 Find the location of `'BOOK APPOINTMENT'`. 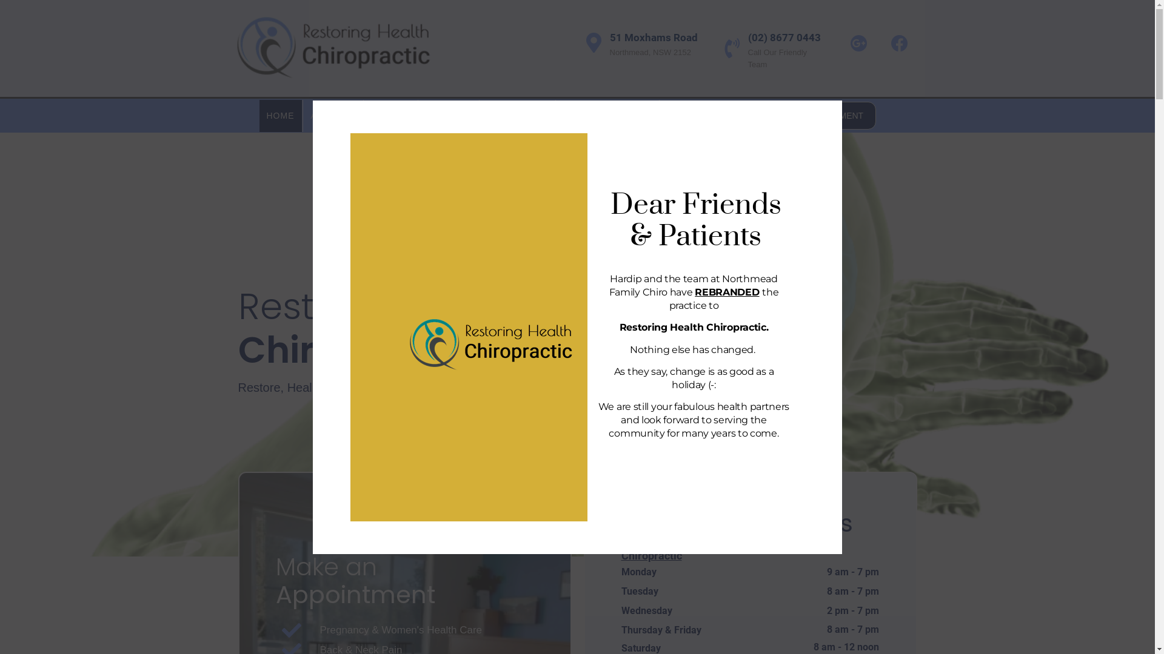

'BOOK APPOINTMENT' is located at coordinates (812, 116).